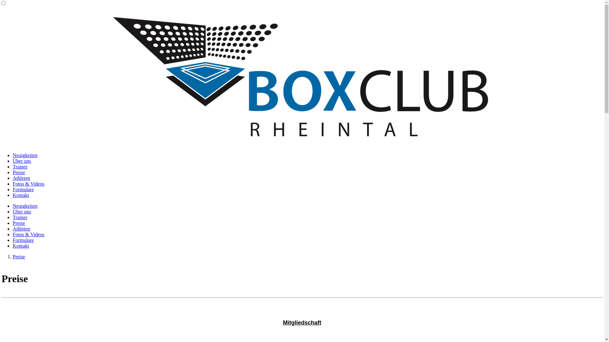 This screenshot has height=342, width=609. I want to click on 'Fotos & Videos', so click(28, 184).